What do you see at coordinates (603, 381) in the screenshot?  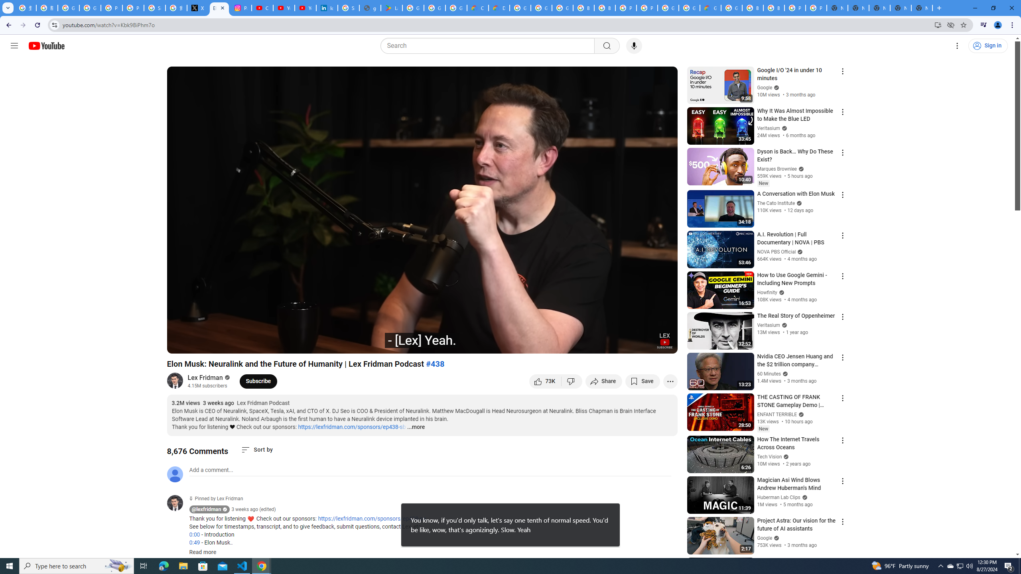 I see `'Share'` at bounding box center [603, 381].